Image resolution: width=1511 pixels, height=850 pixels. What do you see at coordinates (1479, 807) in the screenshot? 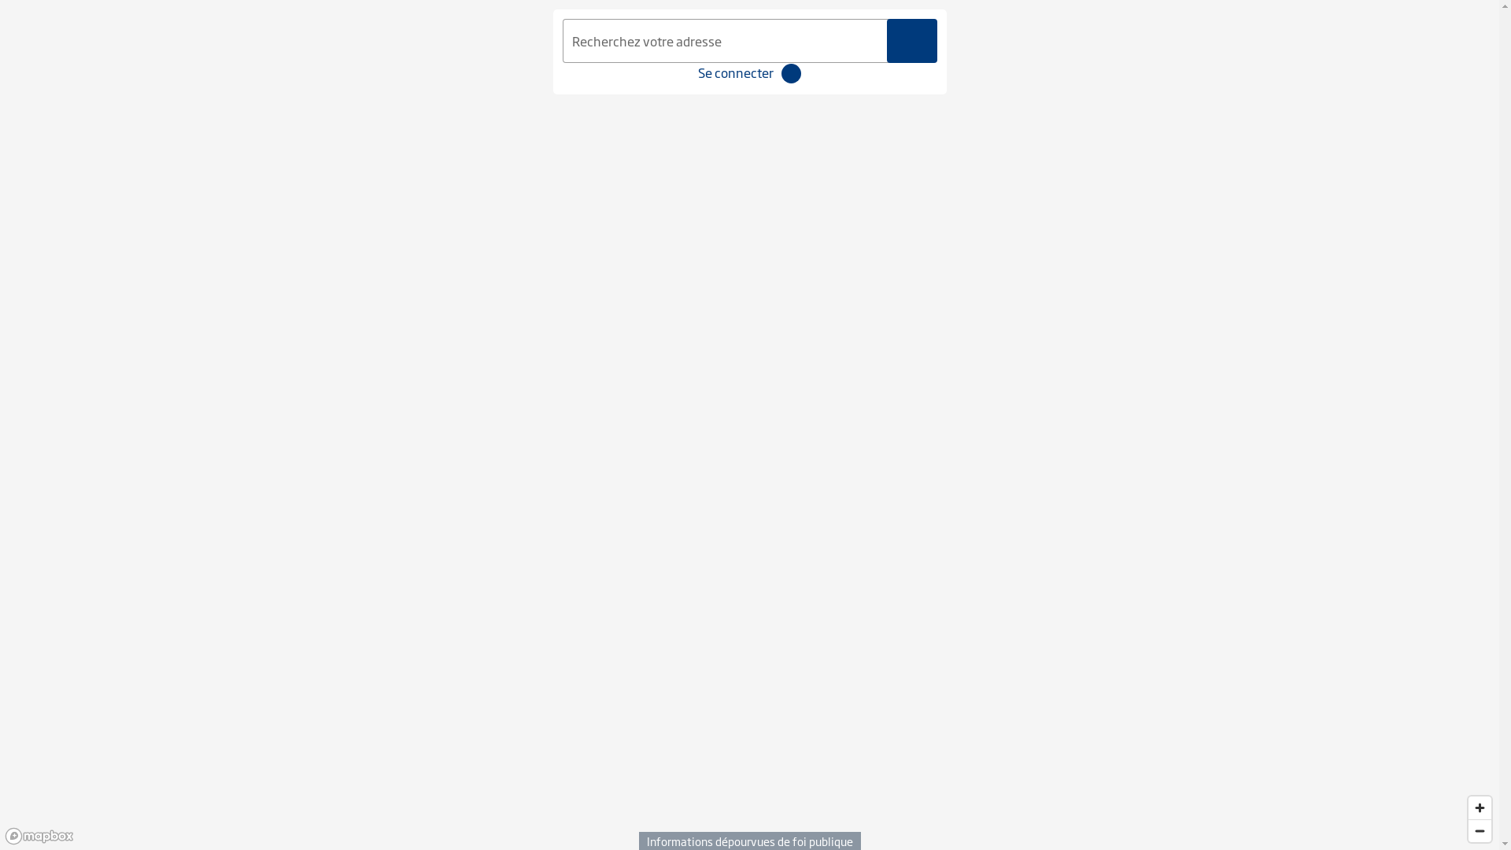
I see `'Zoom in'` at bounding box center [1479, 807].